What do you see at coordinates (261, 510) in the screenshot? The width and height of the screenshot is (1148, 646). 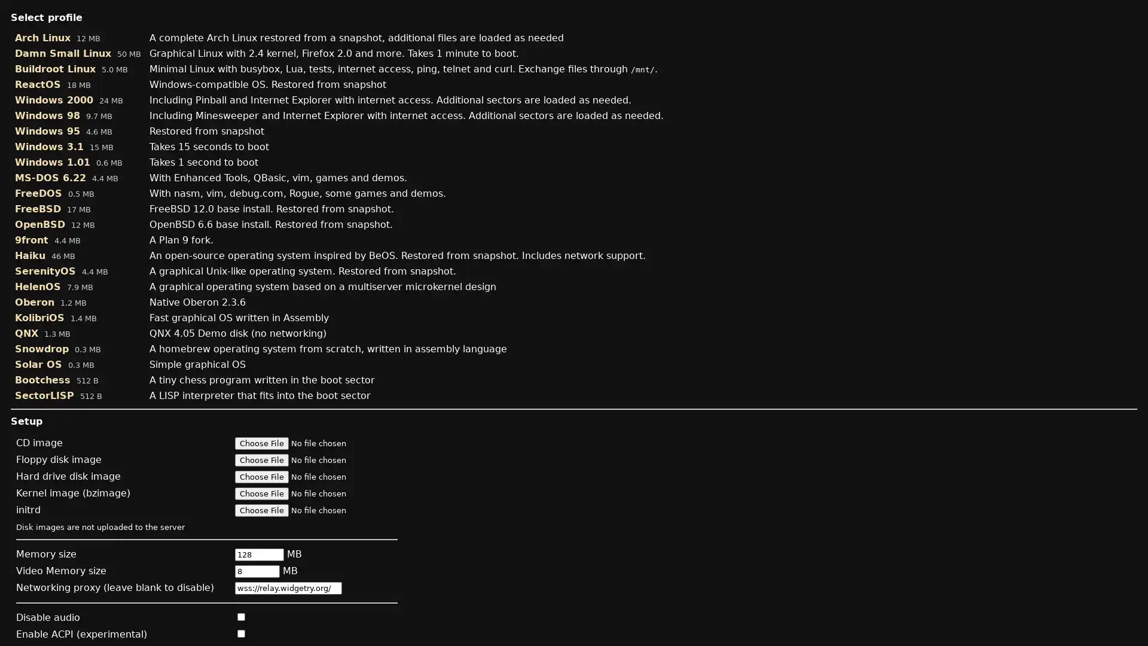 I see `Choose File` at bounding box center [261, 510].